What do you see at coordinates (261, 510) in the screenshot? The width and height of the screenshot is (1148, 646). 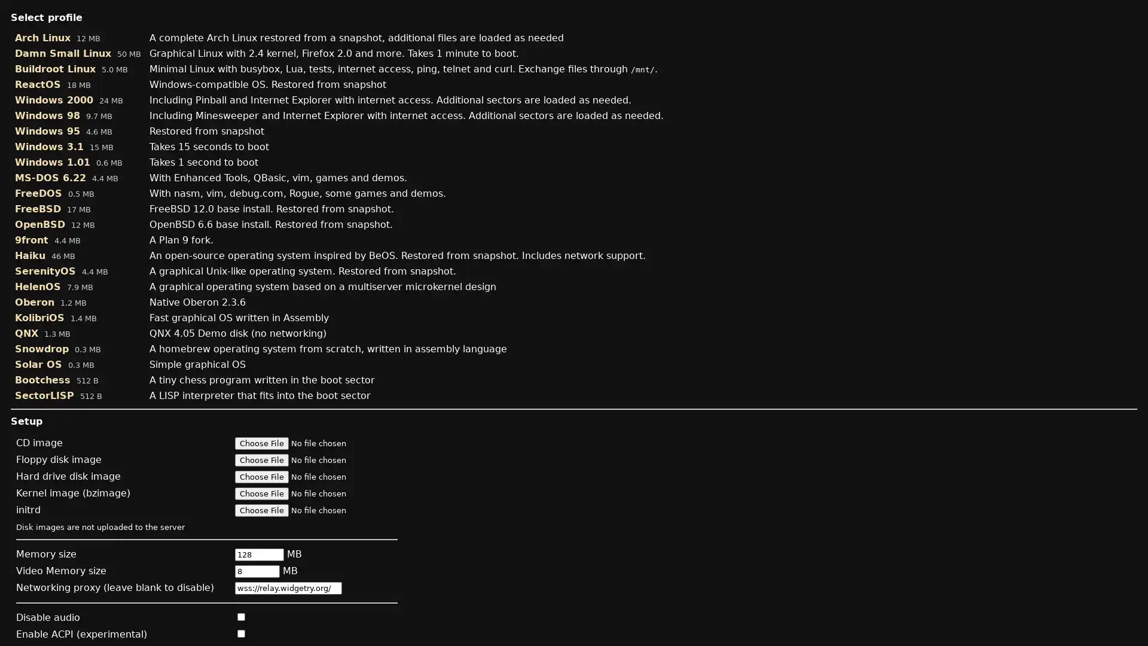 I see `Choose File` at bounding box center [261, 510].